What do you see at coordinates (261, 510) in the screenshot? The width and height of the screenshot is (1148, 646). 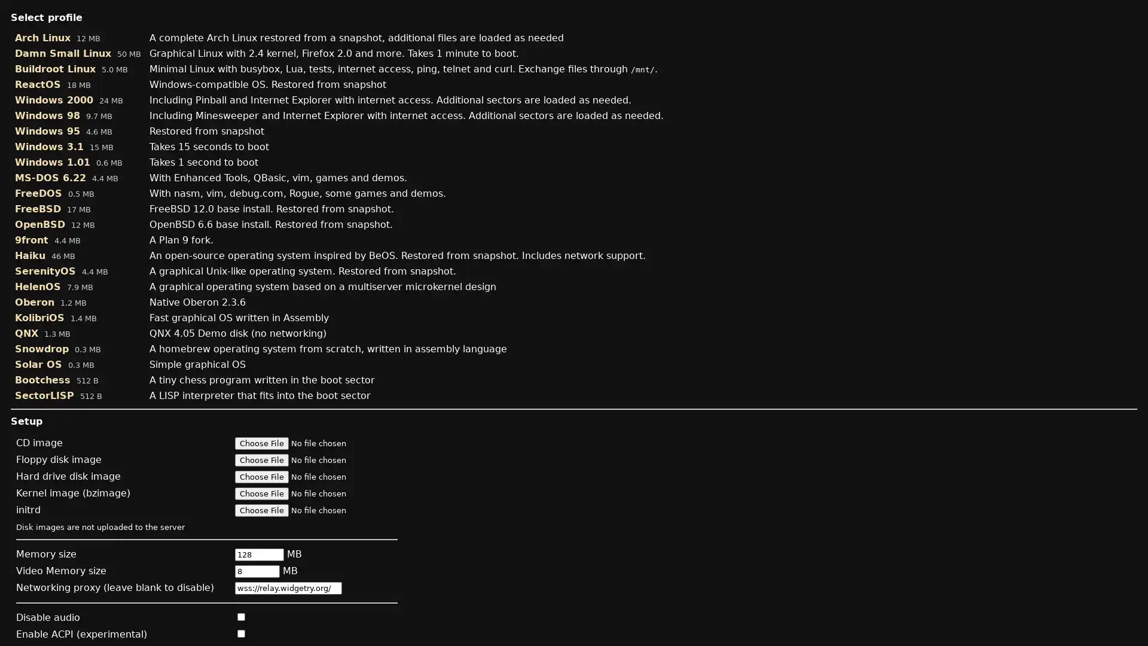 I see `Choose File` at bounding box center [261, 510].